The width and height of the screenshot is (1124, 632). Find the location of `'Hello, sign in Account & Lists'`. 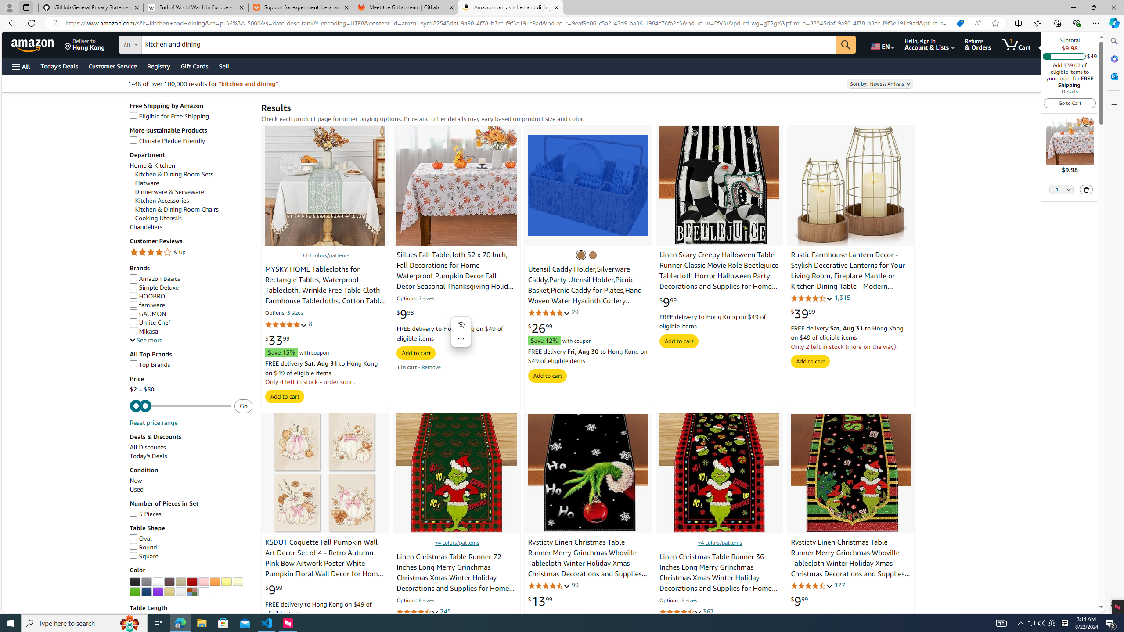

'Hello, sign in Account & Lists' is located at coordinates (929, 44).